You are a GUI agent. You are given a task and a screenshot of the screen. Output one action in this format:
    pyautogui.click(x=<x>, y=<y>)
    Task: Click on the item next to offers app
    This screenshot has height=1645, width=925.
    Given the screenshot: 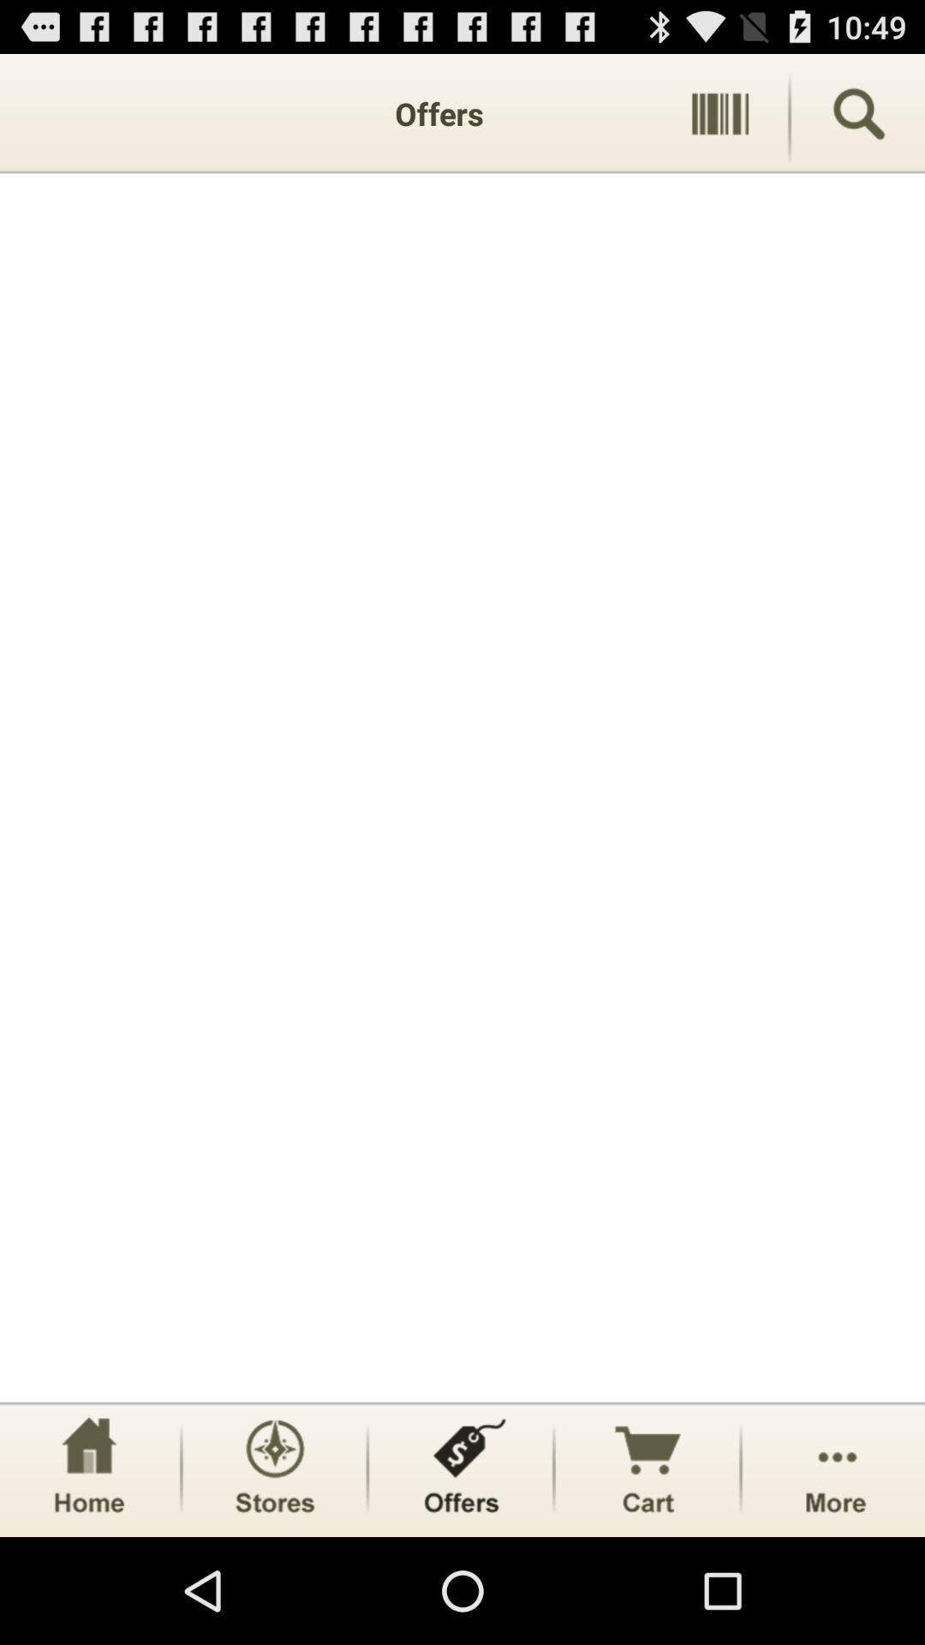 What is the action you would take?
    pyautogui.click(x=719, y=112)
    